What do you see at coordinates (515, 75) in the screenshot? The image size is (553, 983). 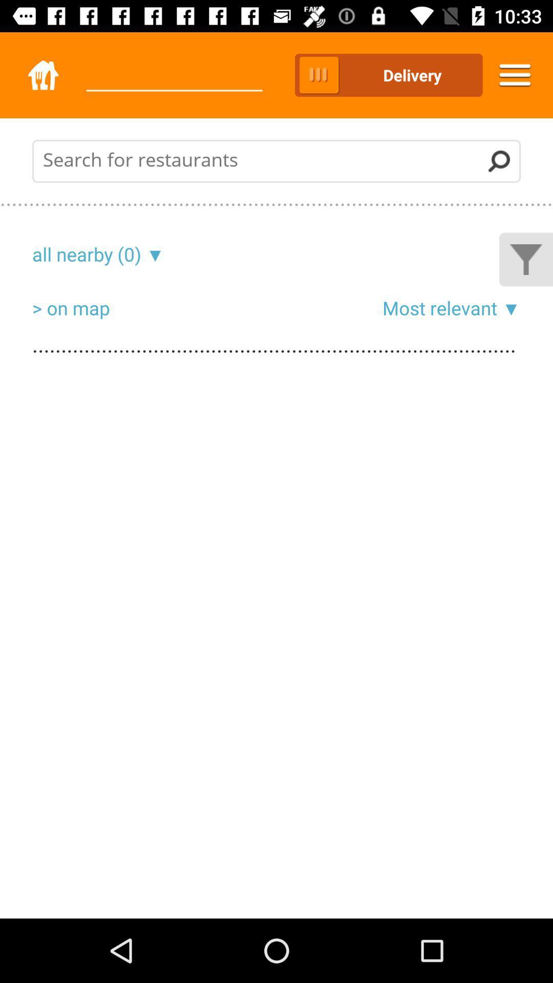 I see `the menu icon` at bounding box center [515, 75].